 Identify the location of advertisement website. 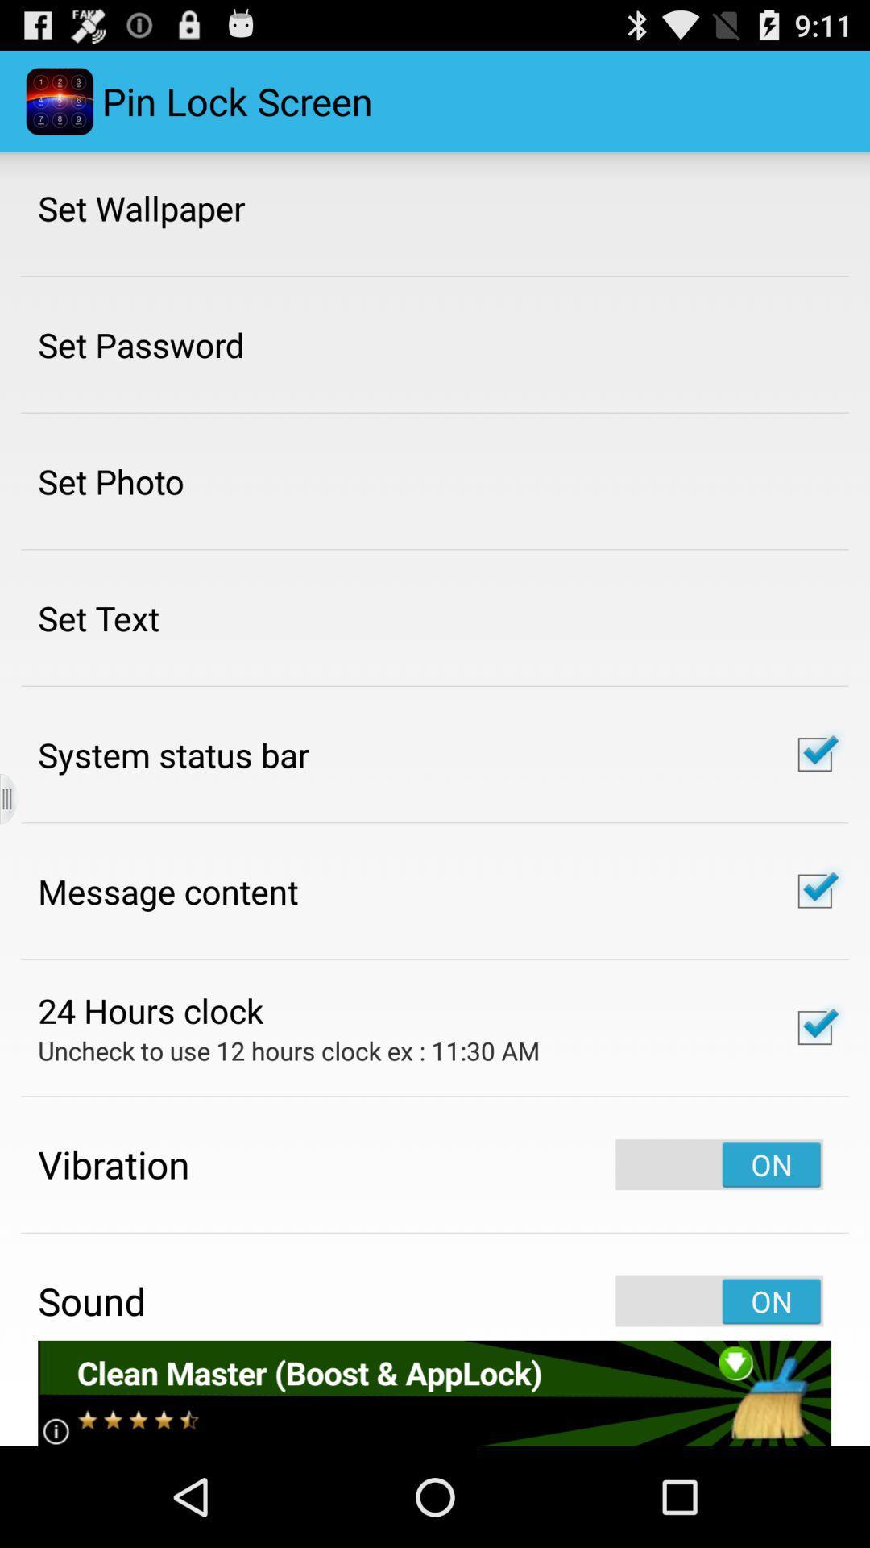
(433, 1392).